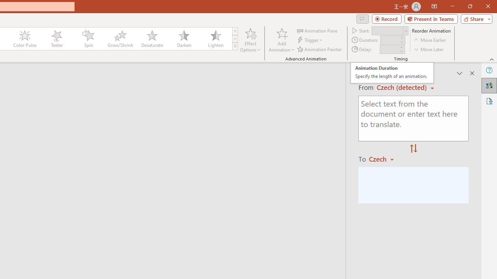  What do you see at coordinates (281, 40) in the screenshot?
I see `'Add Animation'` at bounding box center [281, 40].